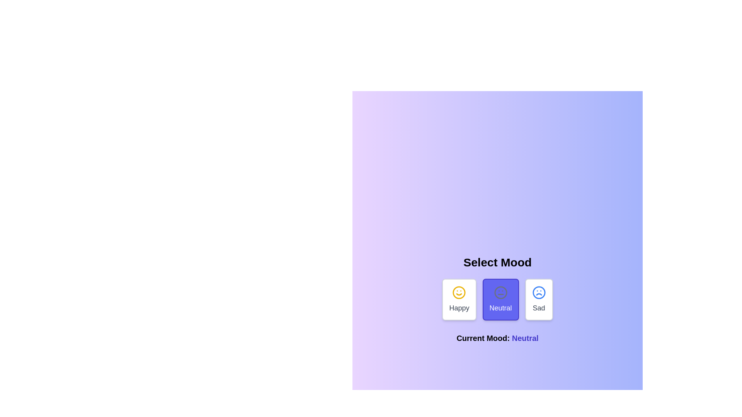  I want to click on the mood option Neutral to see its hover effect, so click(500, 299).